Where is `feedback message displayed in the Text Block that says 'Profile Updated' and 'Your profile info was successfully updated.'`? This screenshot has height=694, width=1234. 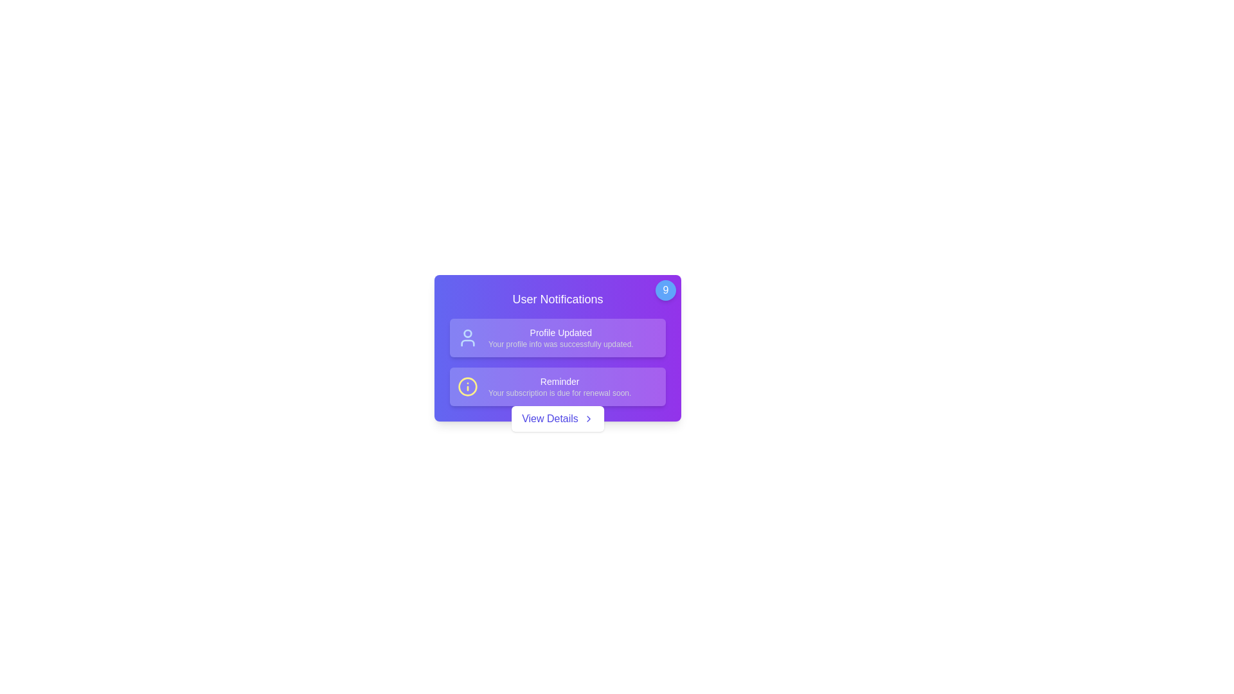
feedback message displayed in the Text Block that says 'Profile Updated' and 'Your profile info was successfully updated.' is located at coordinates (560, 337).